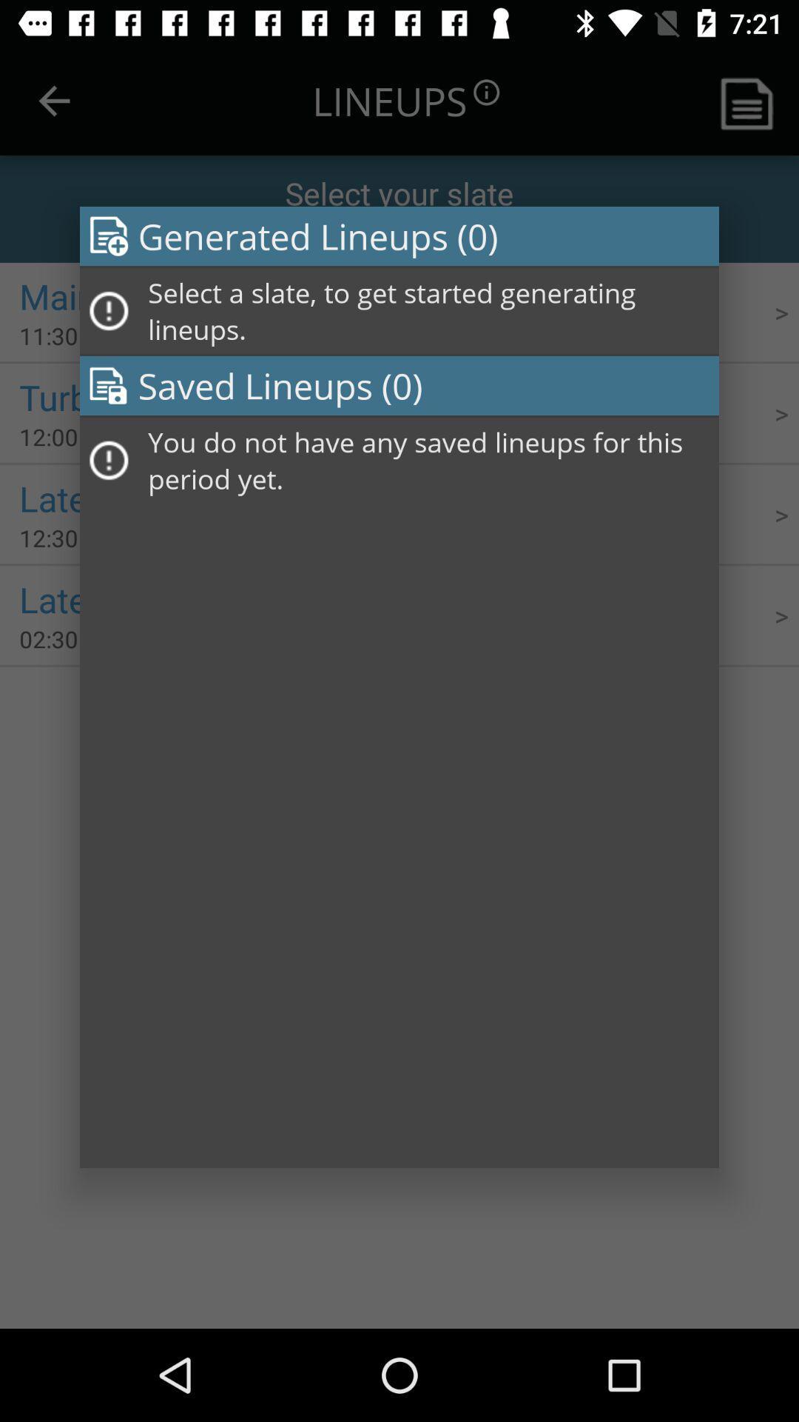 The image size is (799, 1422). I want to click on the icon below saved lineups (0) item, so click(428, 459).